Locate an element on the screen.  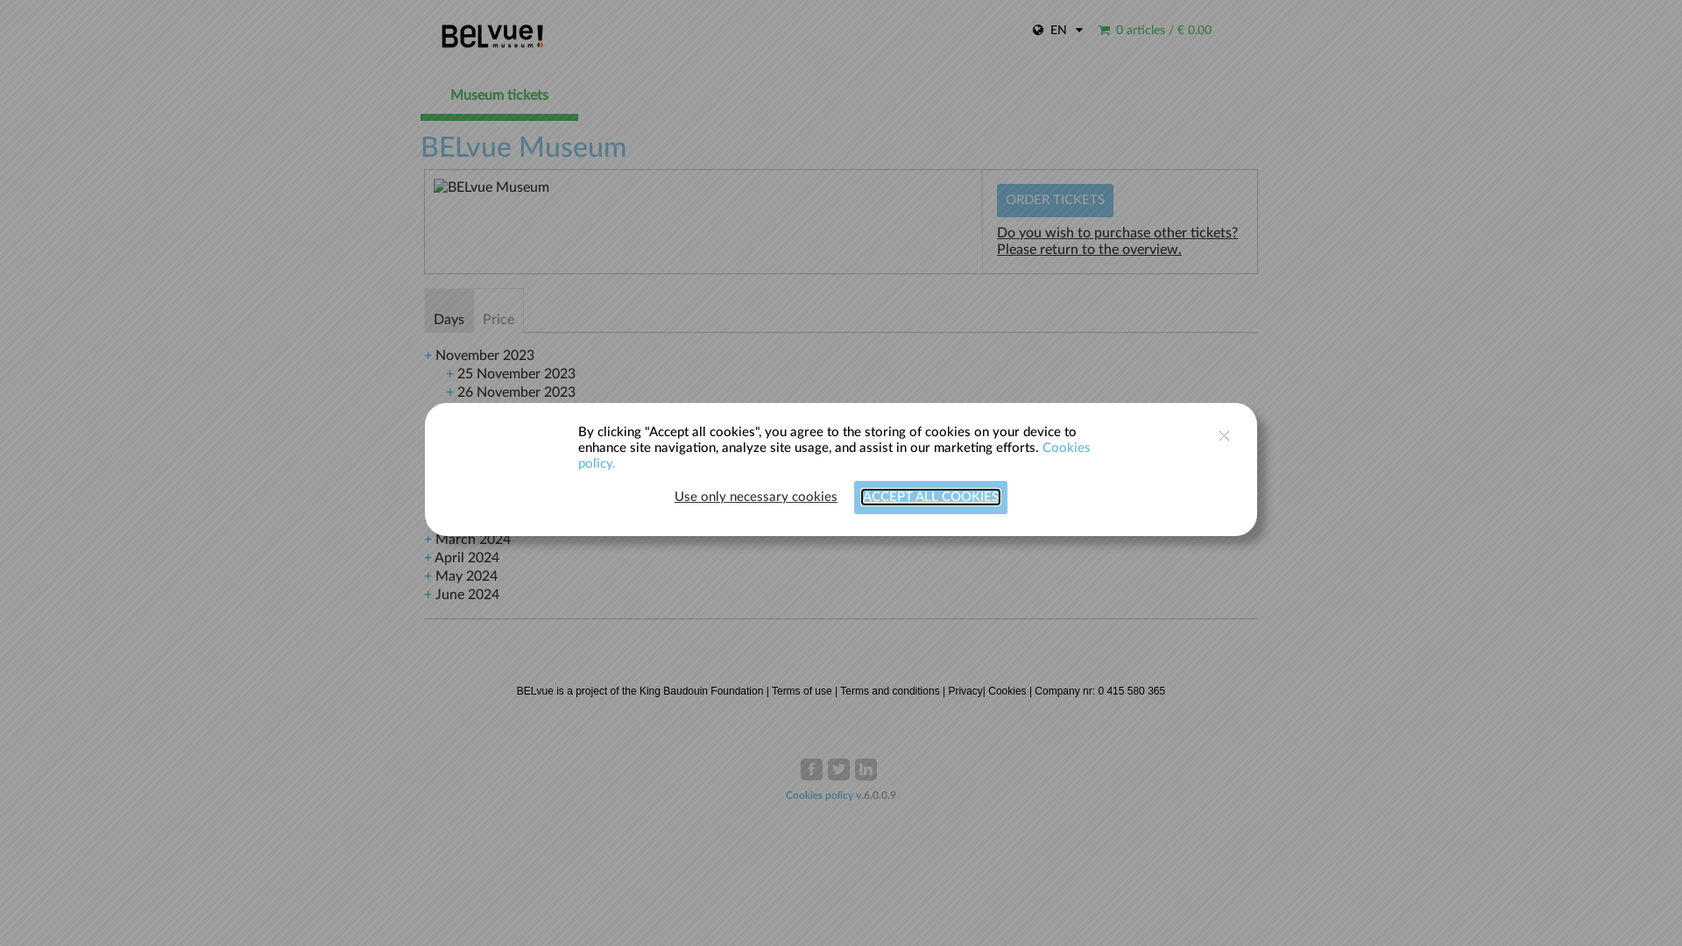
'May 2024' is located at coordinates (466, 576).